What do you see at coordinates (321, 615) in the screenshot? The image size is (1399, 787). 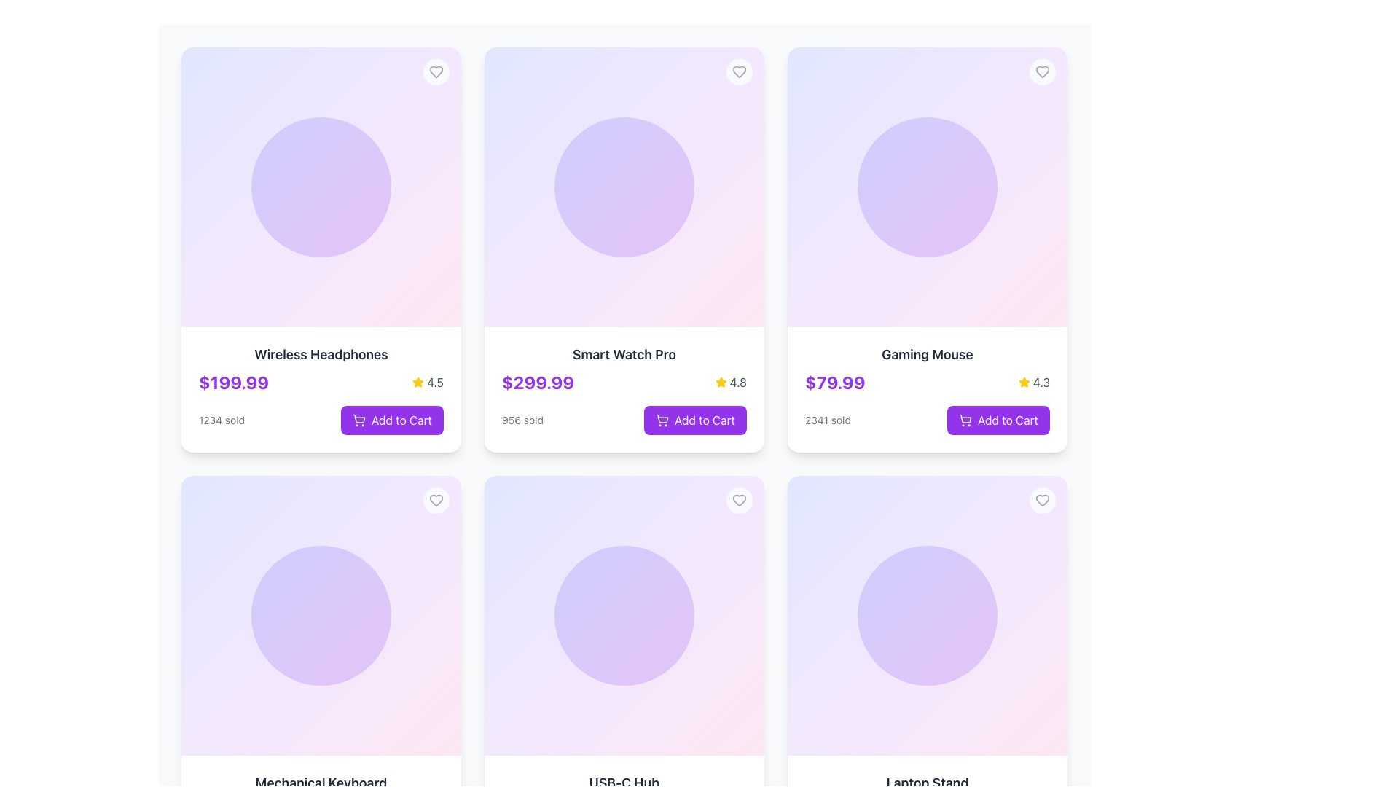 I see `the decorative graphical element, which is a styled circular component centered within the first card of the second row in the grid layout, adding visual emphasis to the card` at bounding box center [321, 615].